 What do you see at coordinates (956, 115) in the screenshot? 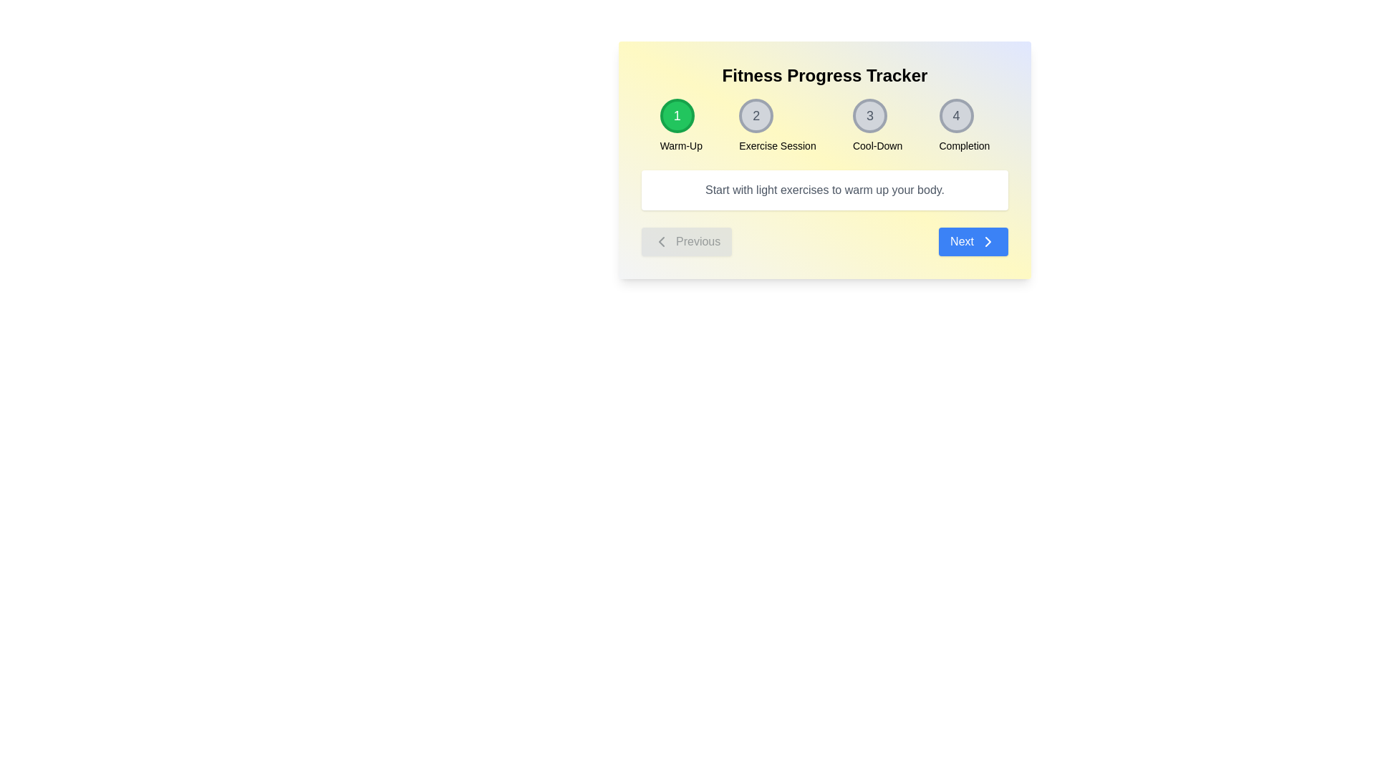
I see `the fourth step indicator in the progress tracker, located at the far right side under the 'Completion' label` at bounding box center [956, 115].